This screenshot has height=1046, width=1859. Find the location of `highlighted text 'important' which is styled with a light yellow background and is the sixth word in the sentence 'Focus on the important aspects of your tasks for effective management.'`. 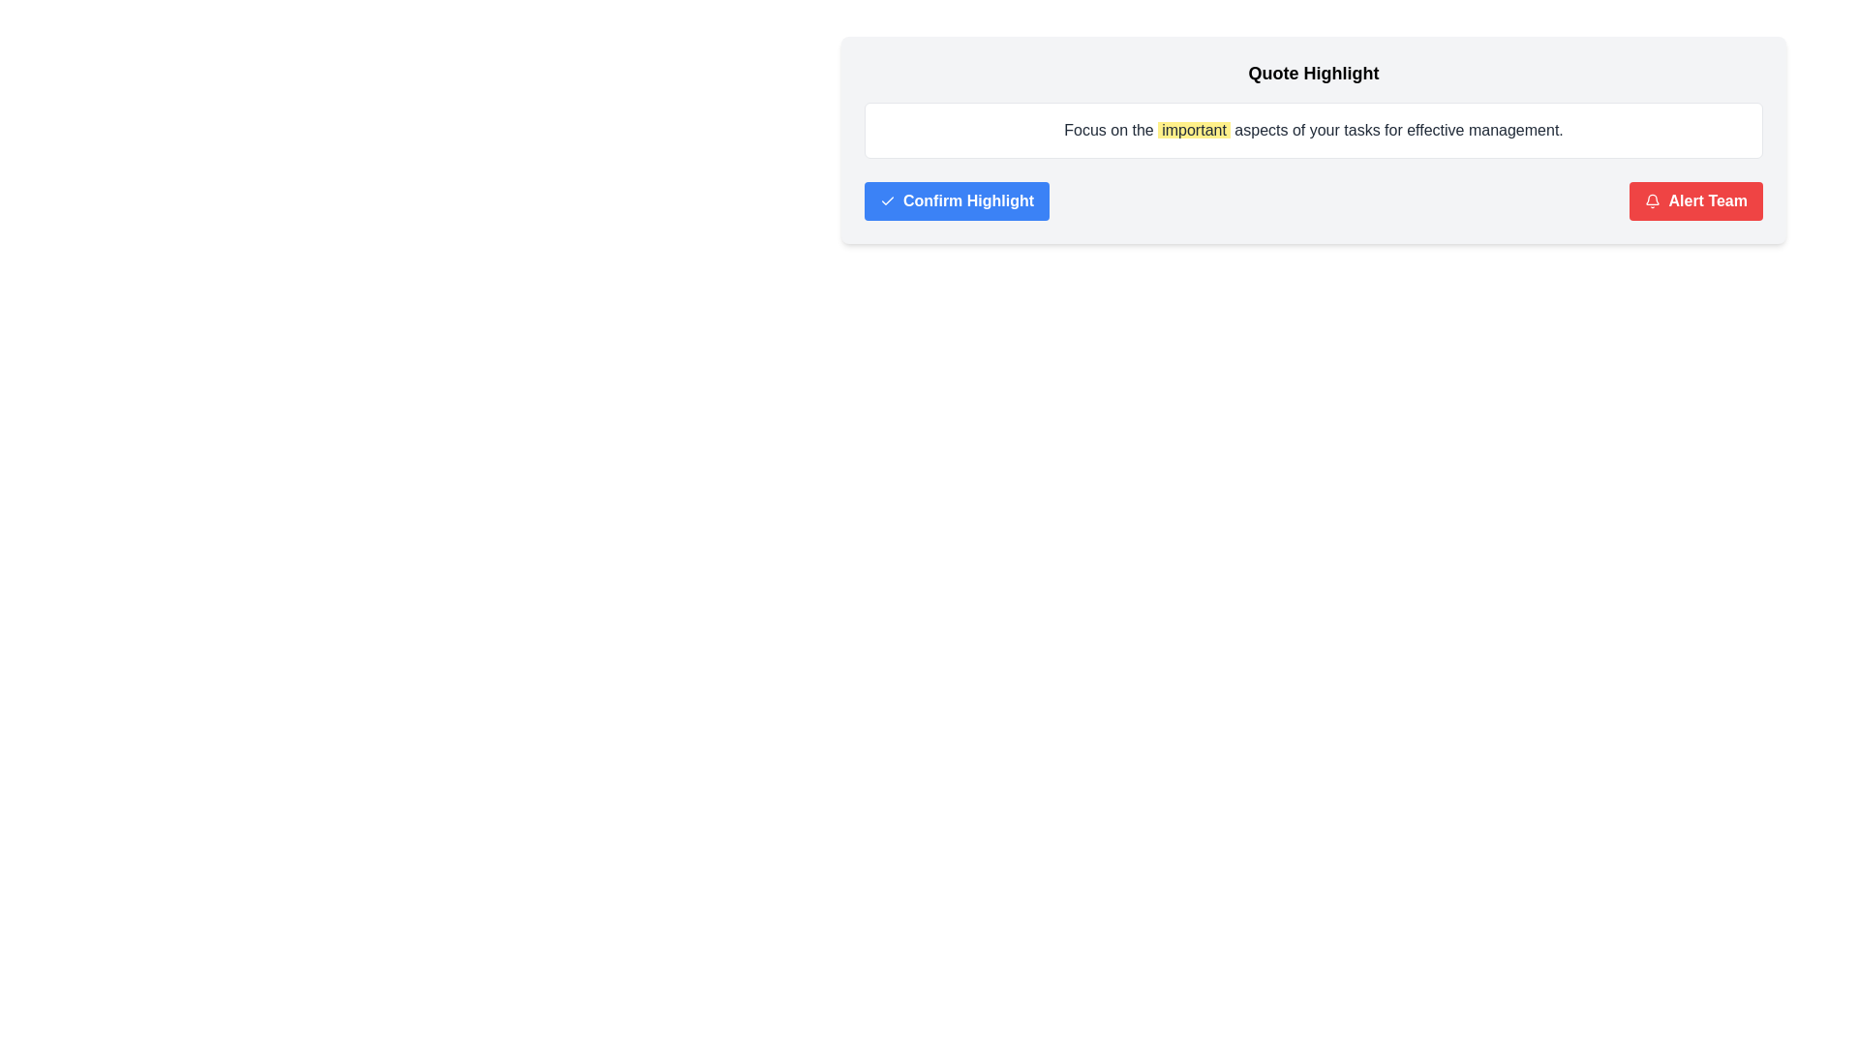

highlighted text 'important' which is styled with a light yellow background and is the sixth word in the sentence 'Focus on the important aspects of your tasks for effective management.' is located at coordinates (1193, 130).